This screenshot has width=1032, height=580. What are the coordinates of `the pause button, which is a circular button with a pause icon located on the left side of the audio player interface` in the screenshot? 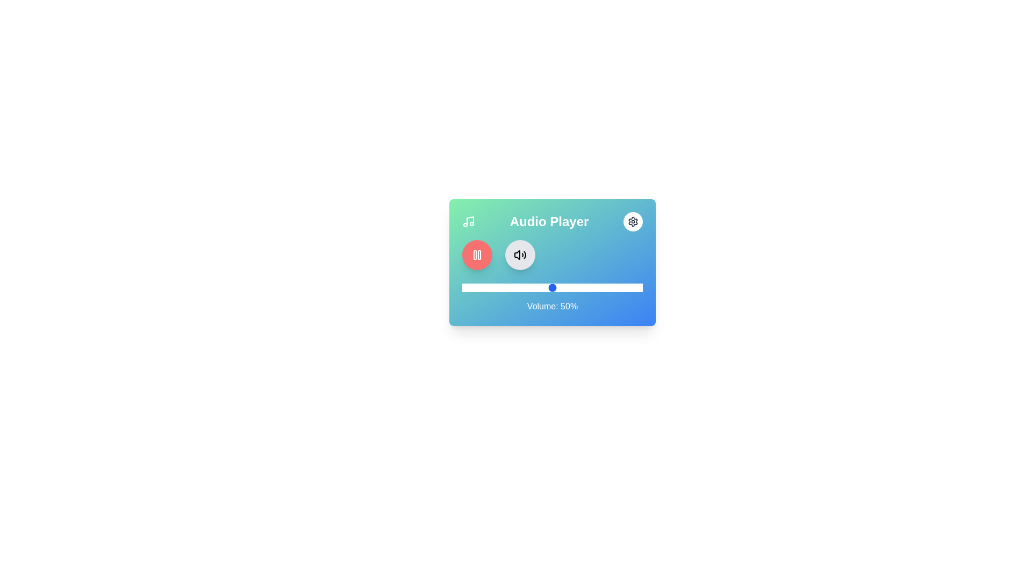 It's located at (477, 255).